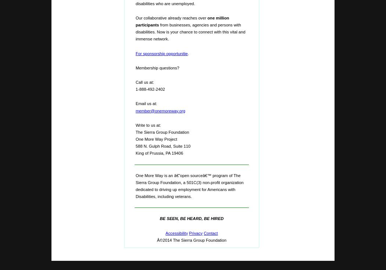  Describe the element at coordinates (182, 21) in the screenshot. I see `'one million participants'` at that location.